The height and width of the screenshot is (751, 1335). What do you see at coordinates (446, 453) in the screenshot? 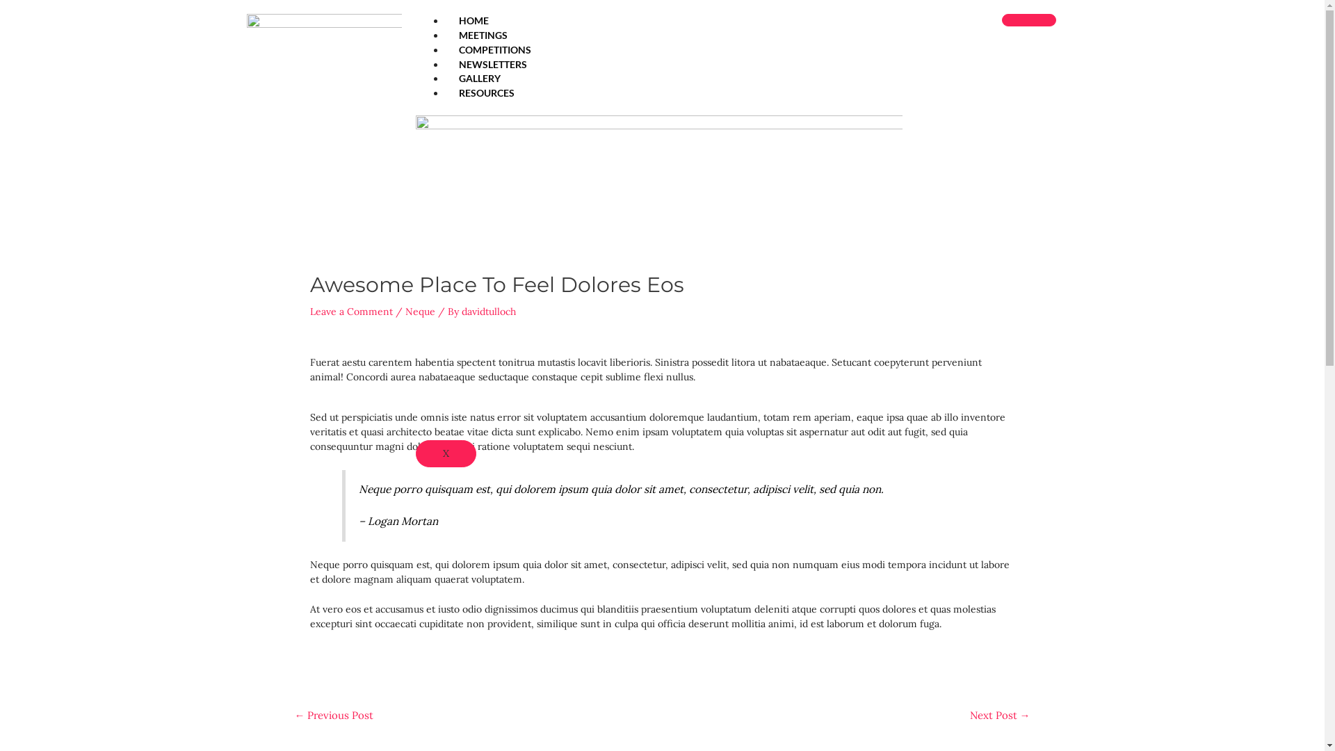
I see `'X'` at bounding box center [446, 453].